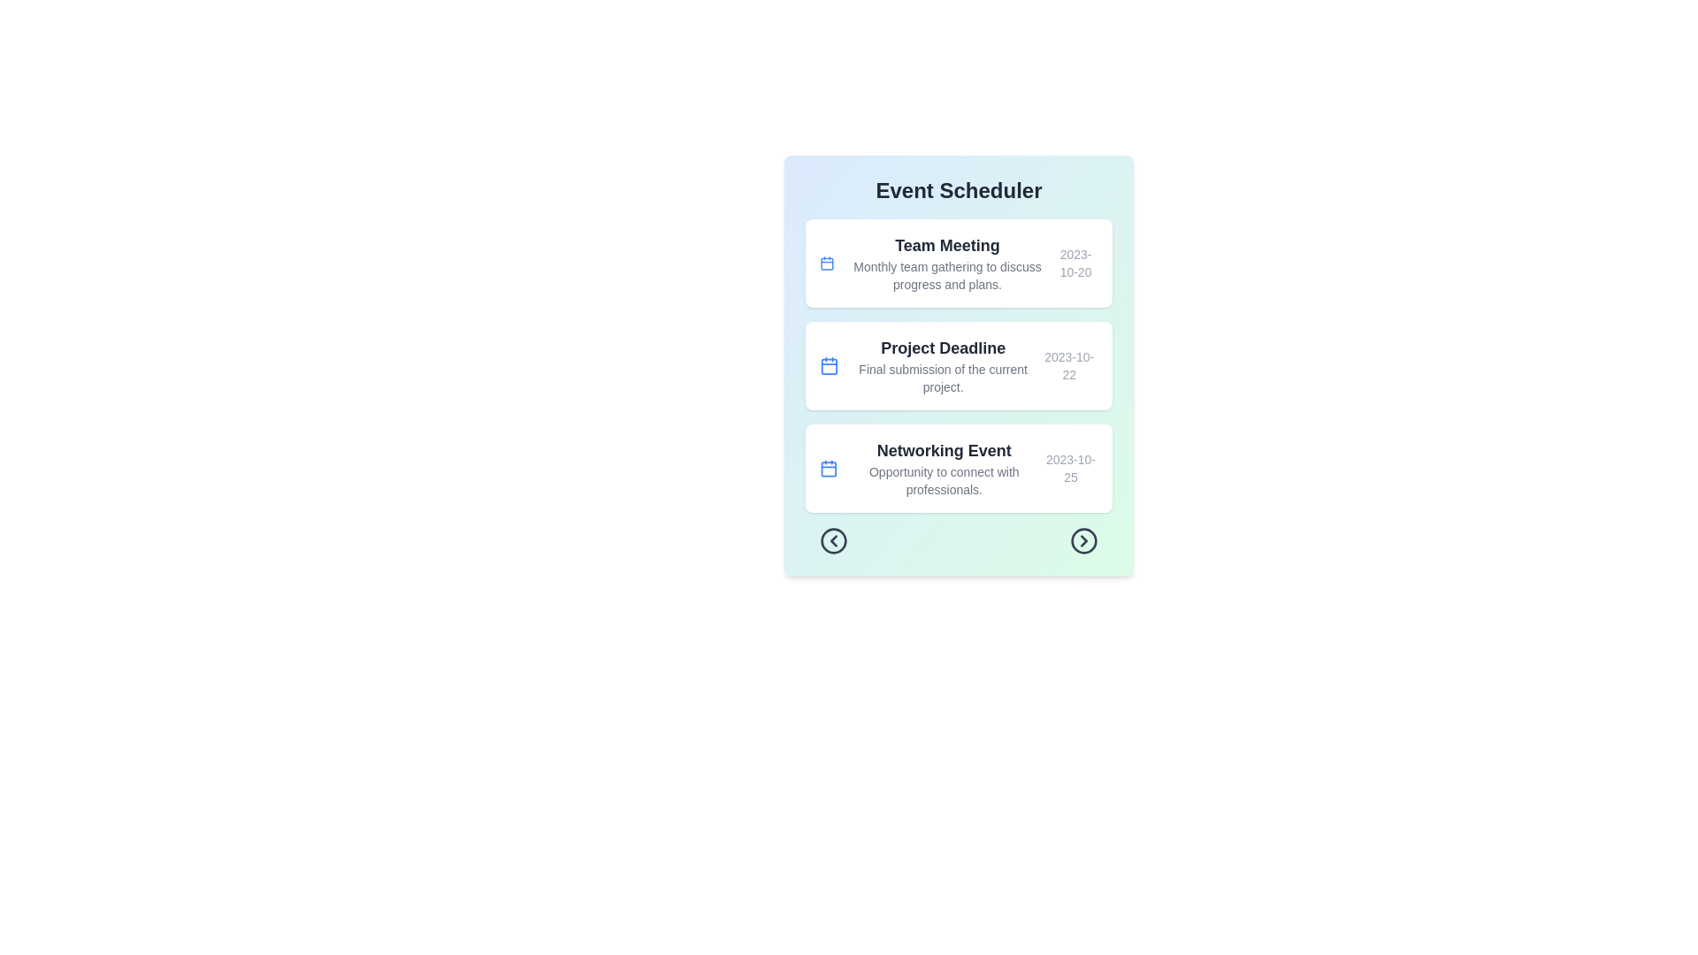  Describe the element at coordinates (958, 467) in the screenshot. I see `the event card for Networking Event to view the hover effect` at that location.